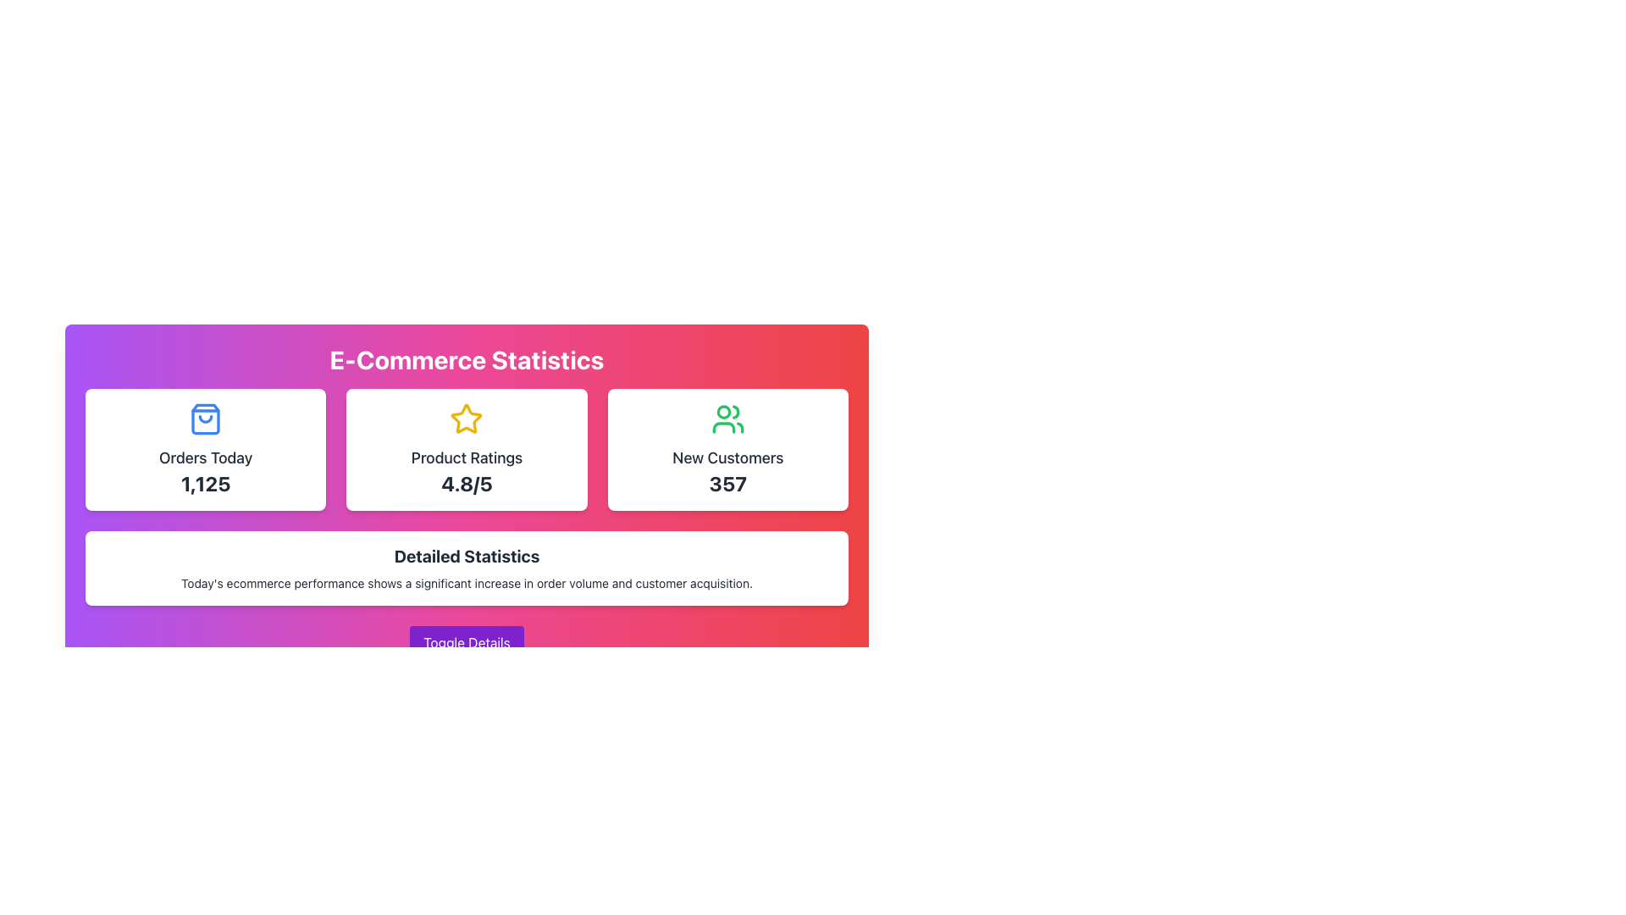  Describe the element at coordinates (467, 419) in the screenshot. I see `the star-shaped icon with a yellow outline located in the middle block titled 'Product Ratings', positioned above the rating value '4.8/5'` at that location.